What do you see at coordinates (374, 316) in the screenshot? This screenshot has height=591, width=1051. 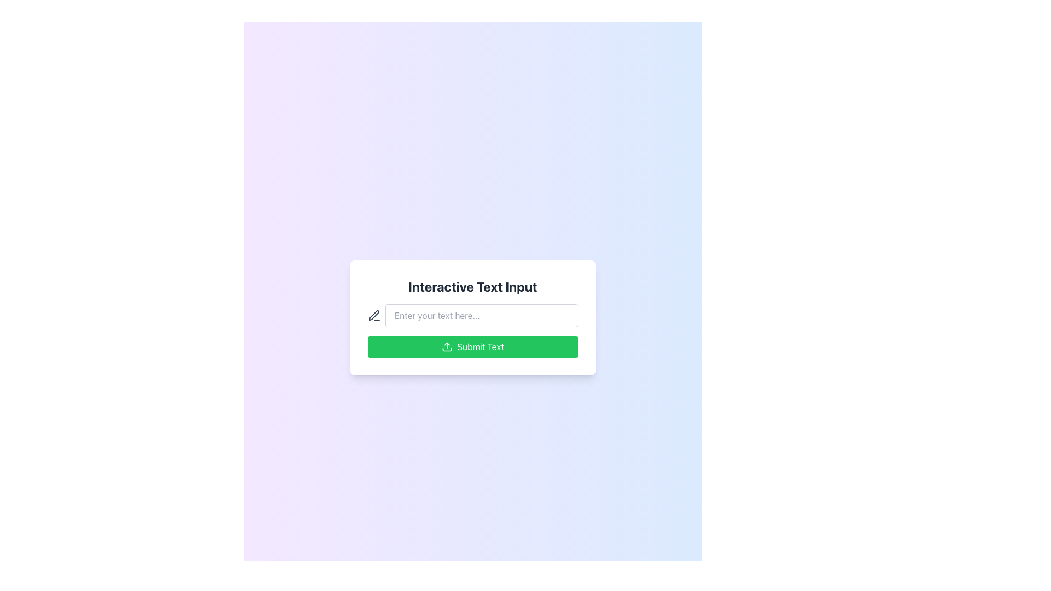 I see `the pen-shaped icon rendered in medium gray color, located to the immediate left of the text input field` at bounding box center [374, 316].